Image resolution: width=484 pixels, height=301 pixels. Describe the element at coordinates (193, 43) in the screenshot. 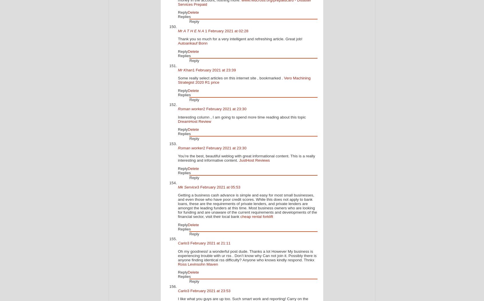

I see `'Autoankauf Bonn'` at that location.